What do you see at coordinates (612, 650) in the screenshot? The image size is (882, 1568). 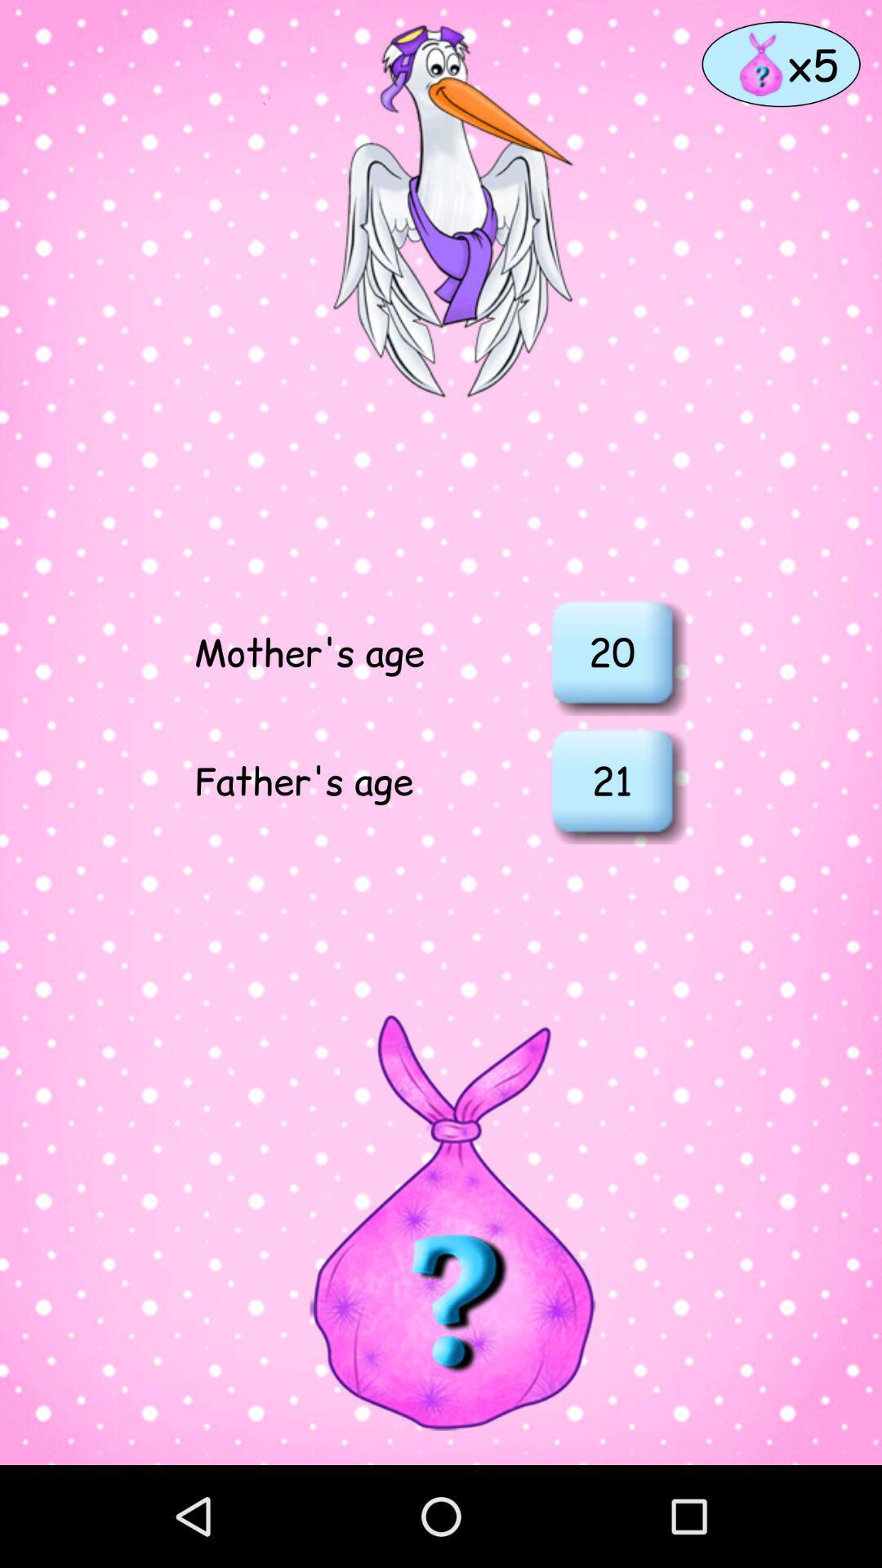 I see `item above the 21 icon` at bounding box center [612, 650].